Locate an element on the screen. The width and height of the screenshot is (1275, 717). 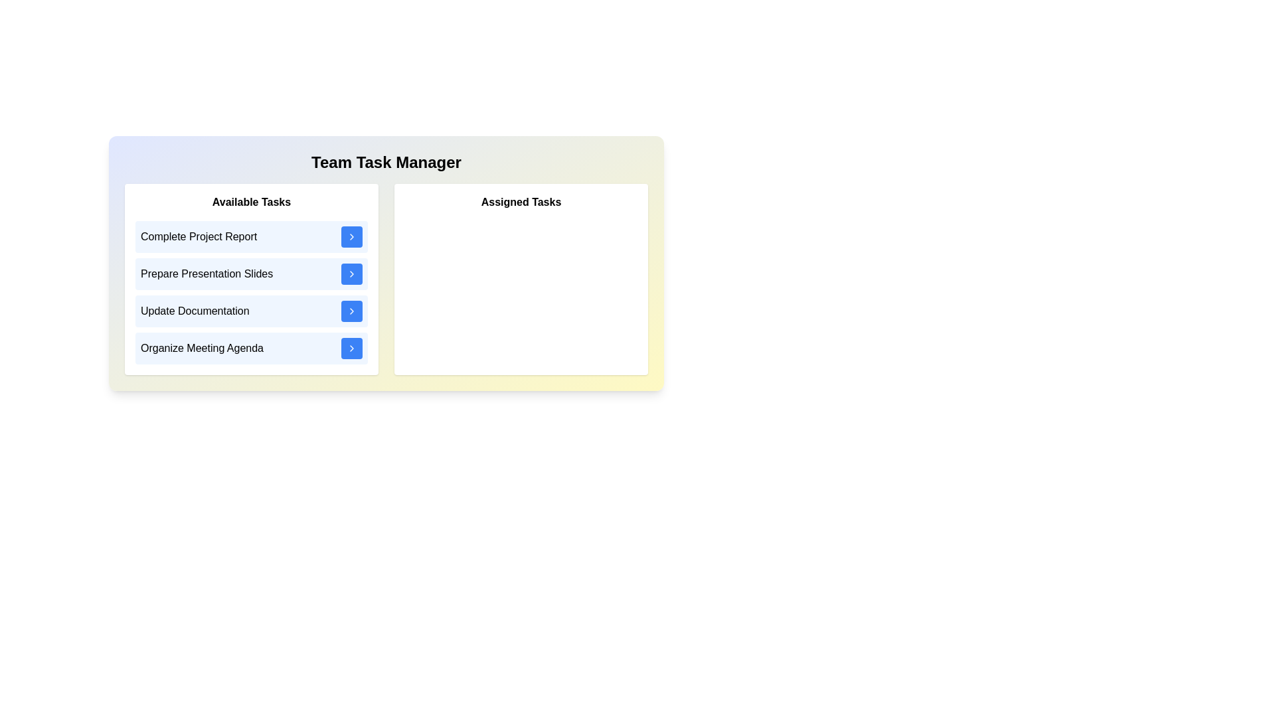
the button corresponding to the task Organize Meeting Agenda to assign it is located at coordinates (351, 347).